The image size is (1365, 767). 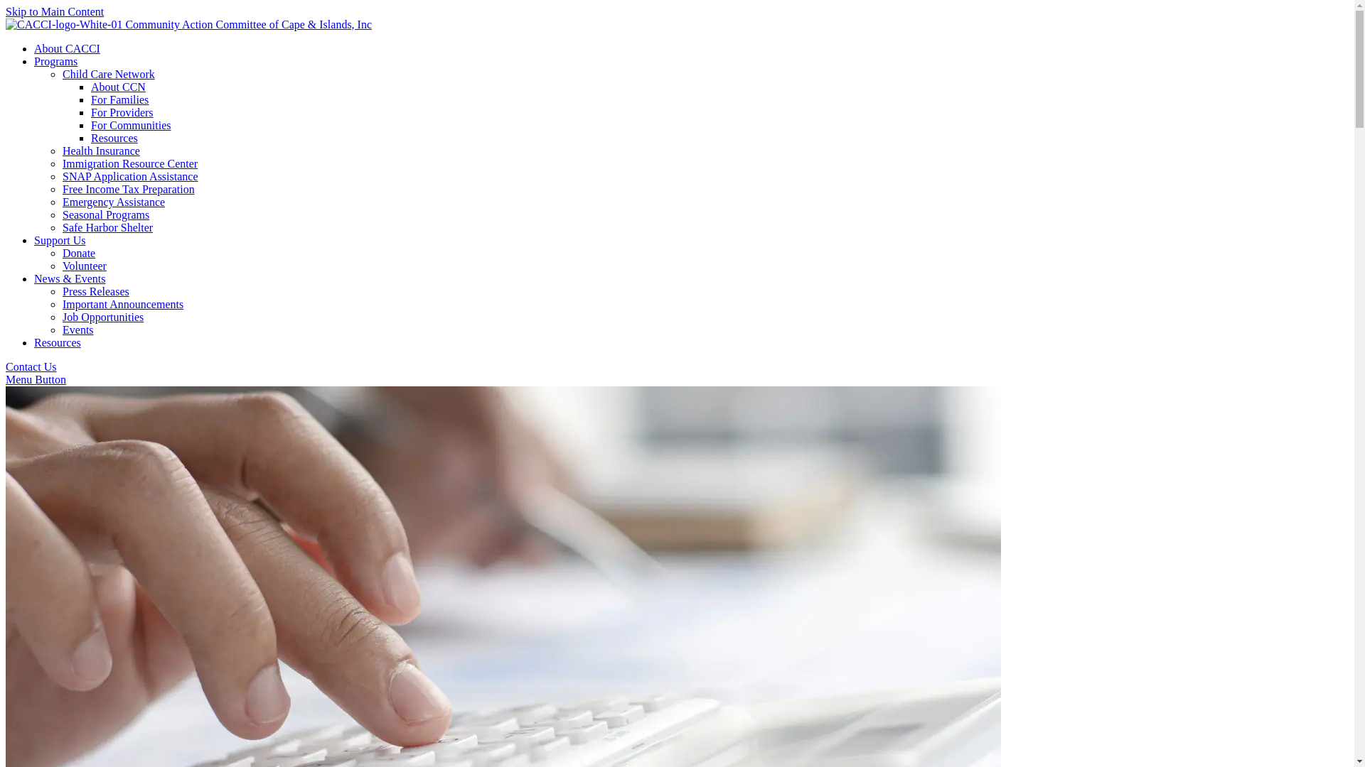 What do you see at coordinates (129, 163) in the screenshot?
I see `'Immigration Resource Center'` at bounding box center [129, 163].